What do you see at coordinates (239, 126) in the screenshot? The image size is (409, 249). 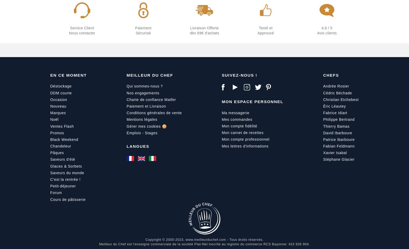 I see `'Mon compte fidélité'` at bounding box center [239, 126].